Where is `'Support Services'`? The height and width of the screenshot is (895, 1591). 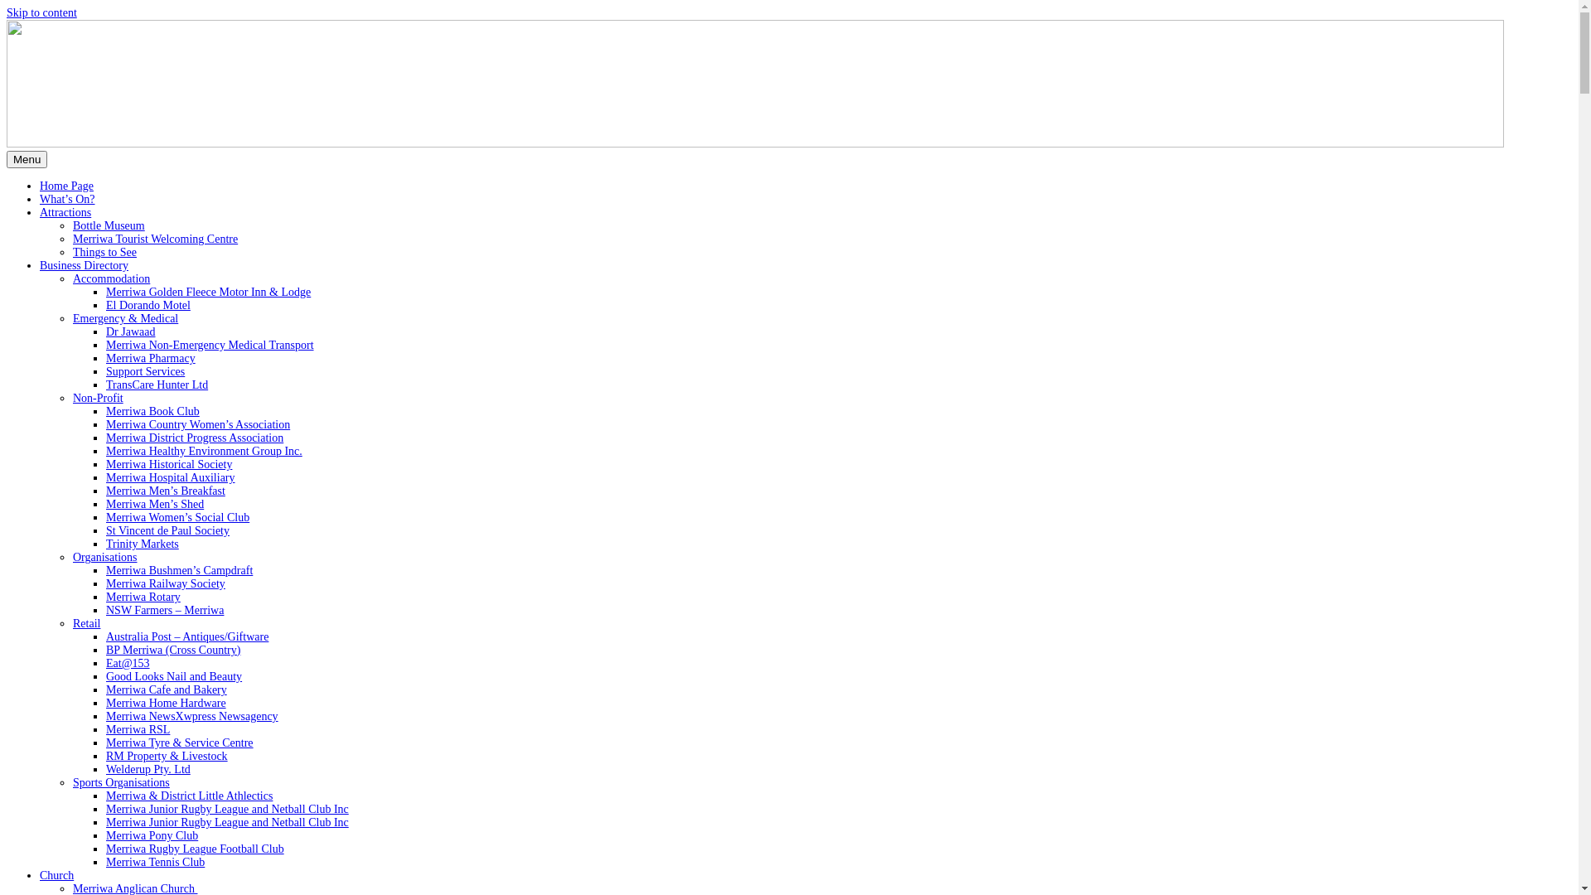 'Support Services' is located at coordinates (105, 370).